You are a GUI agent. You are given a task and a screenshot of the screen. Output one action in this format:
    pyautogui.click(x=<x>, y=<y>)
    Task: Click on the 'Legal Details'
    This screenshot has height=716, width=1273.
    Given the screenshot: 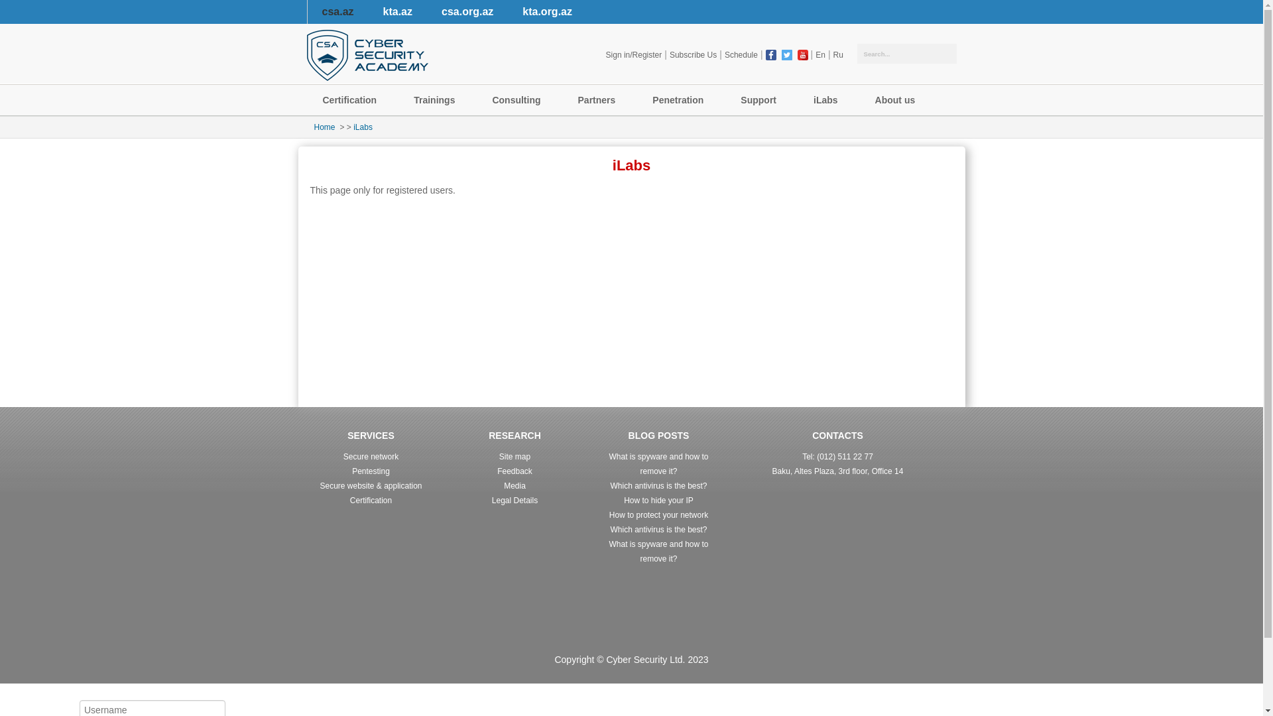 What is the action you would take?
    pyautogui.click(x=514, y=501)
    